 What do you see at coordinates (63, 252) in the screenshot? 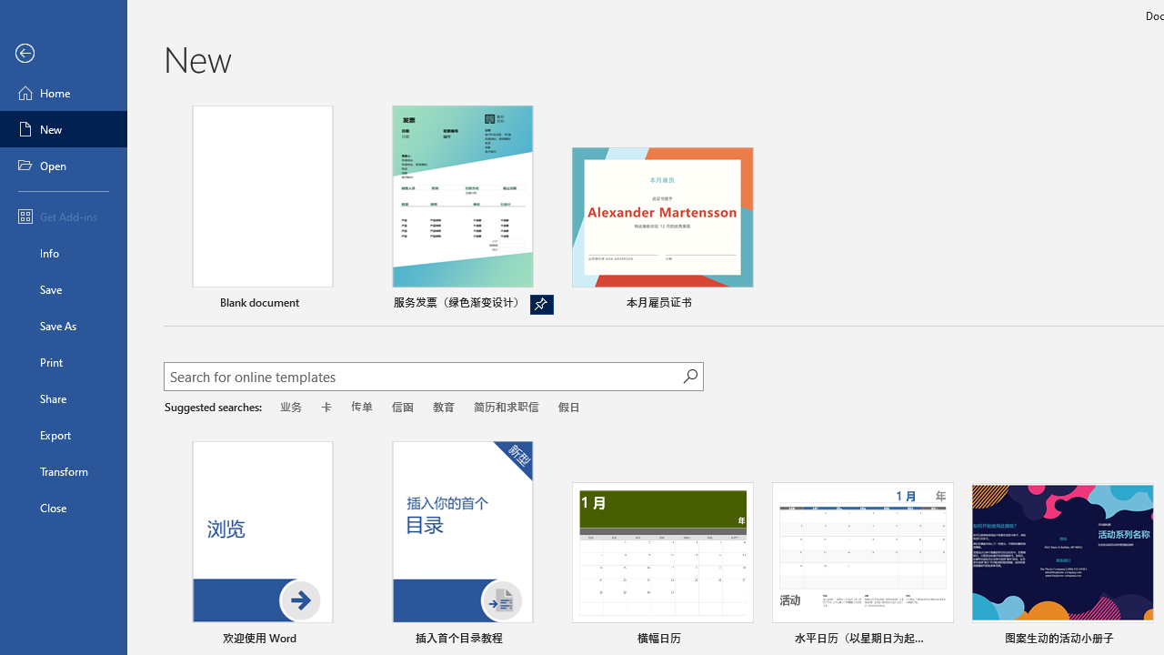
I see `'Info'` at bounding box center [63, 252].